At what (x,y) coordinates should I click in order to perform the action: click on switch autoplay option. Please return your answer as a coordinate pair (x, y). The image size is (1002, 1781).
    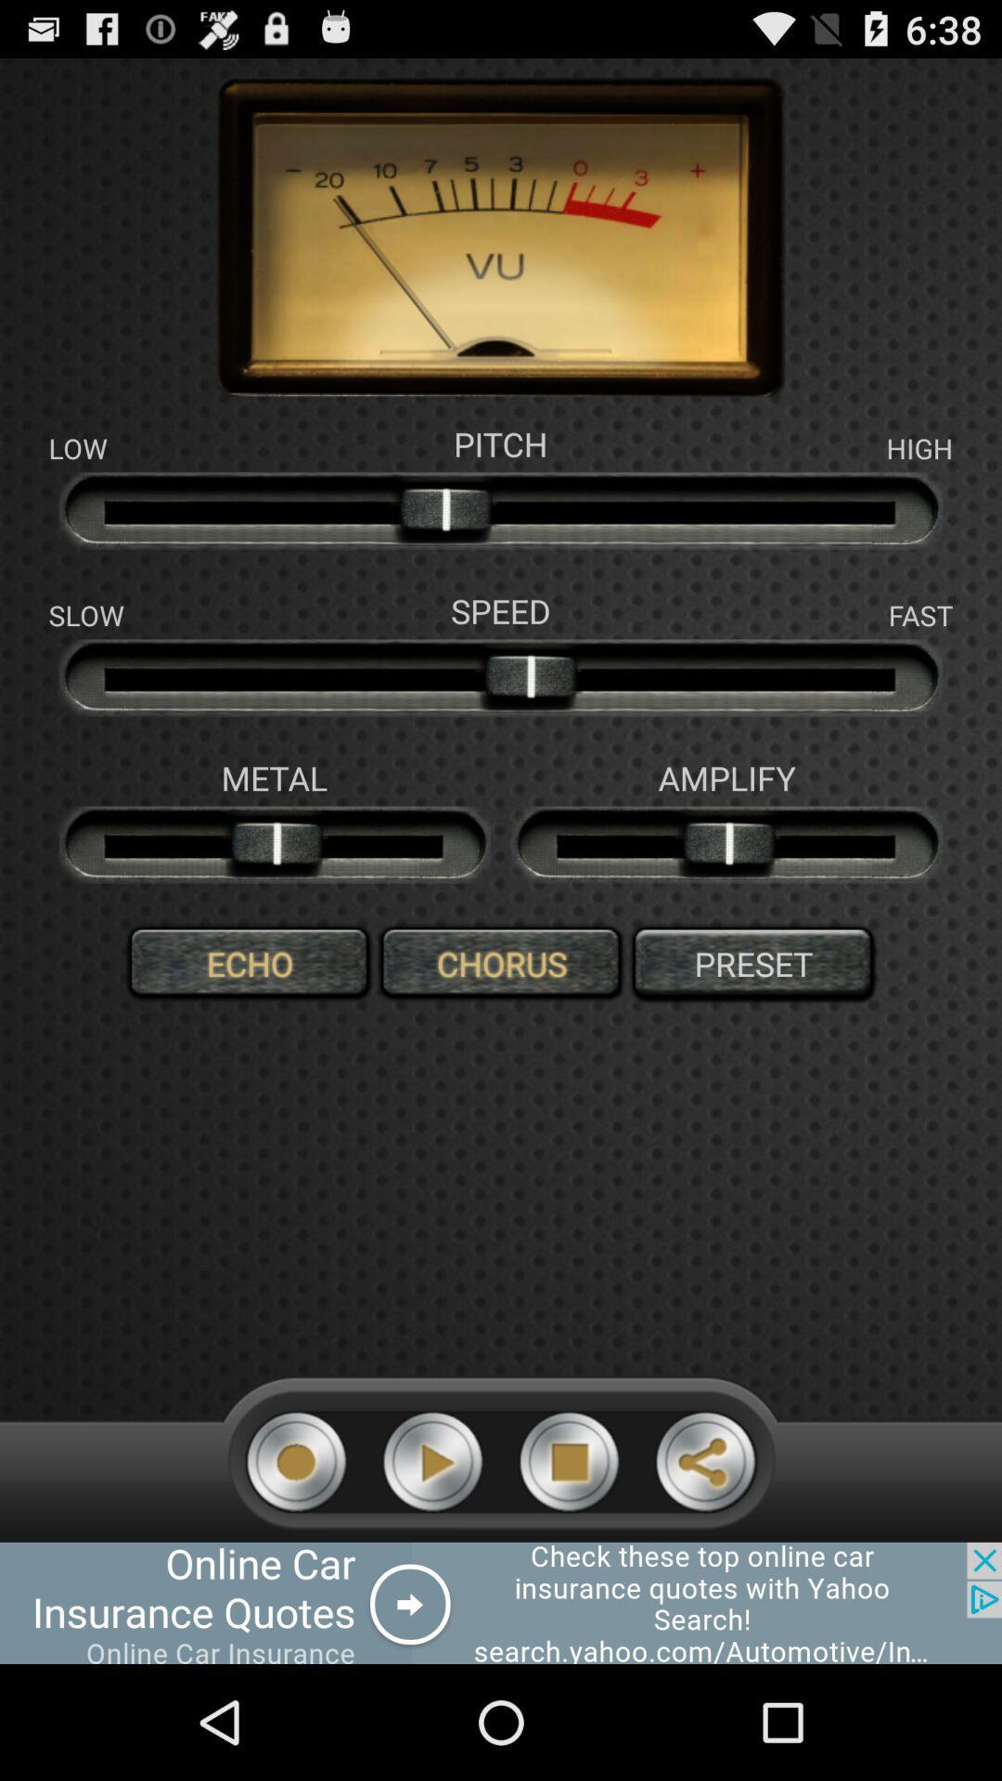
    Looking at the image, I should click on (568, 1461).